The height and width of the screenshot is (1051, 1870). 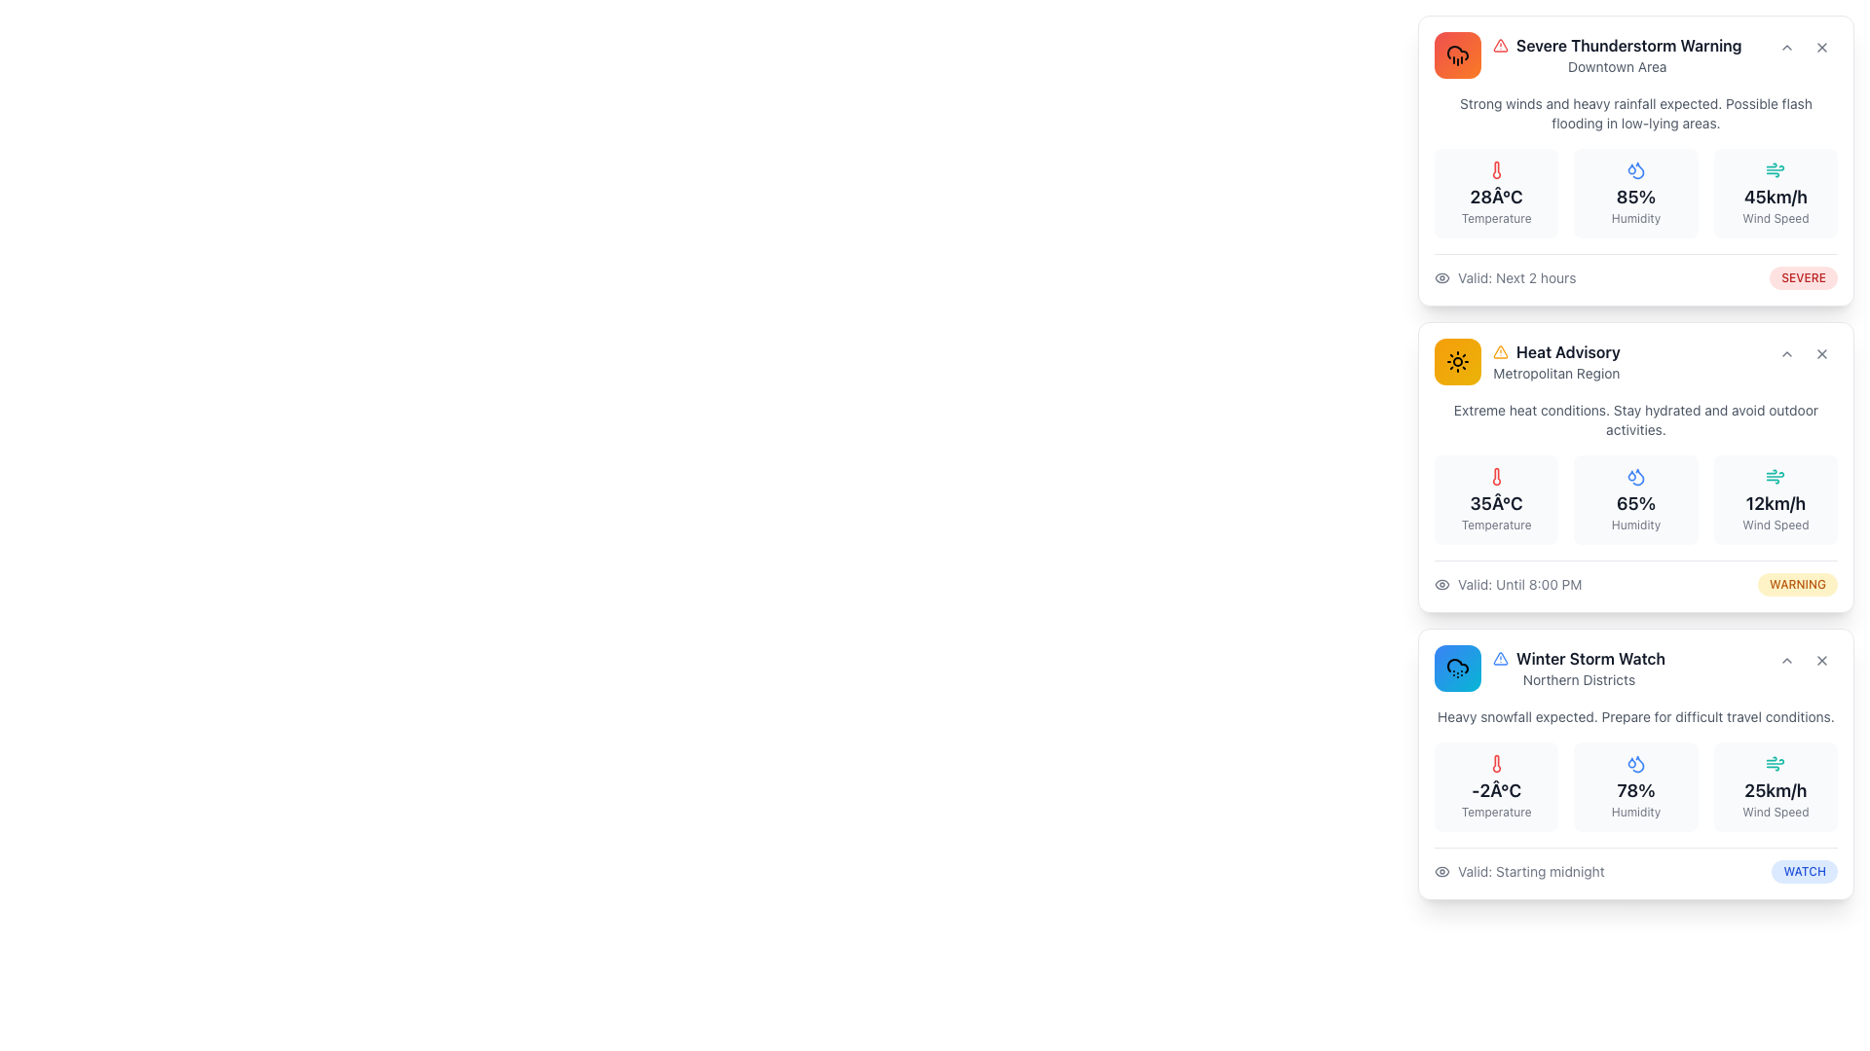 I want to click on the thermometer icon representing temperature-related information located in the 'Temperature' section of the 'Heat Advisory' card, which is the second card from the top, so click(x=1495, y=476).